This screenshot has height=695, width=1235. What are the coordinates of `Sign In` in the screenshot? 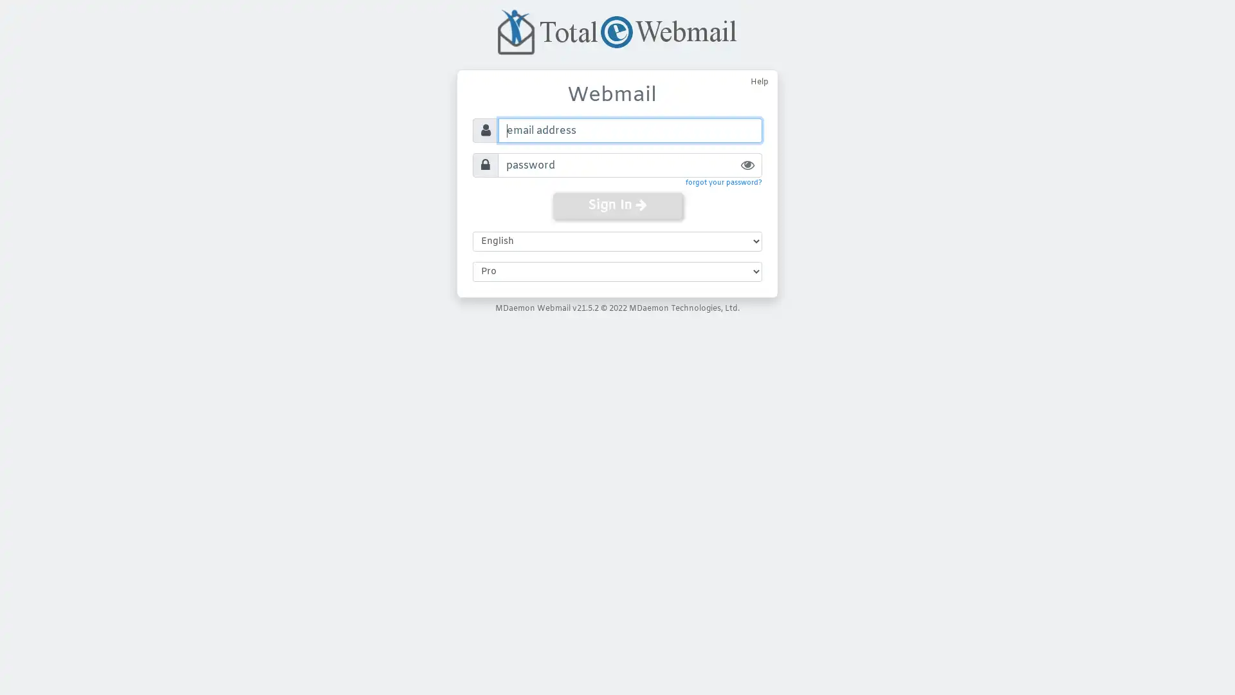 It's located at (617, 205).